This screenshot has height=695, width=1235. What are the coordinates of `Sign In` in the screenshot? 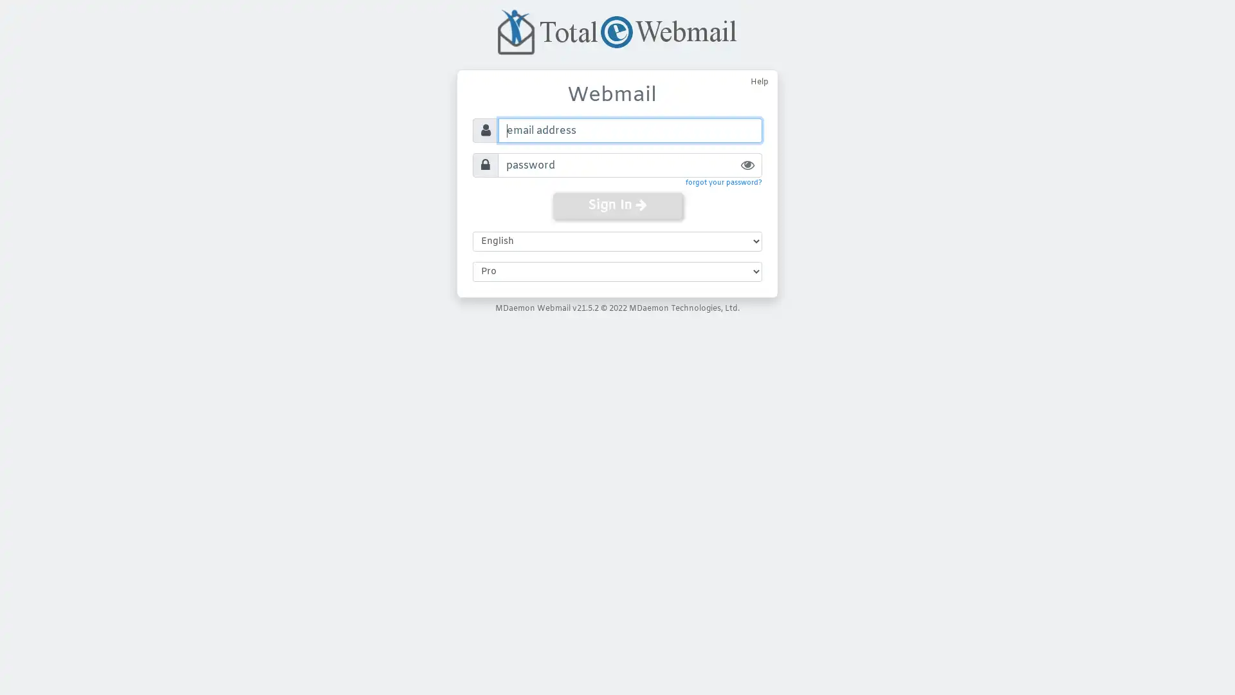 It's located at (617, 205).